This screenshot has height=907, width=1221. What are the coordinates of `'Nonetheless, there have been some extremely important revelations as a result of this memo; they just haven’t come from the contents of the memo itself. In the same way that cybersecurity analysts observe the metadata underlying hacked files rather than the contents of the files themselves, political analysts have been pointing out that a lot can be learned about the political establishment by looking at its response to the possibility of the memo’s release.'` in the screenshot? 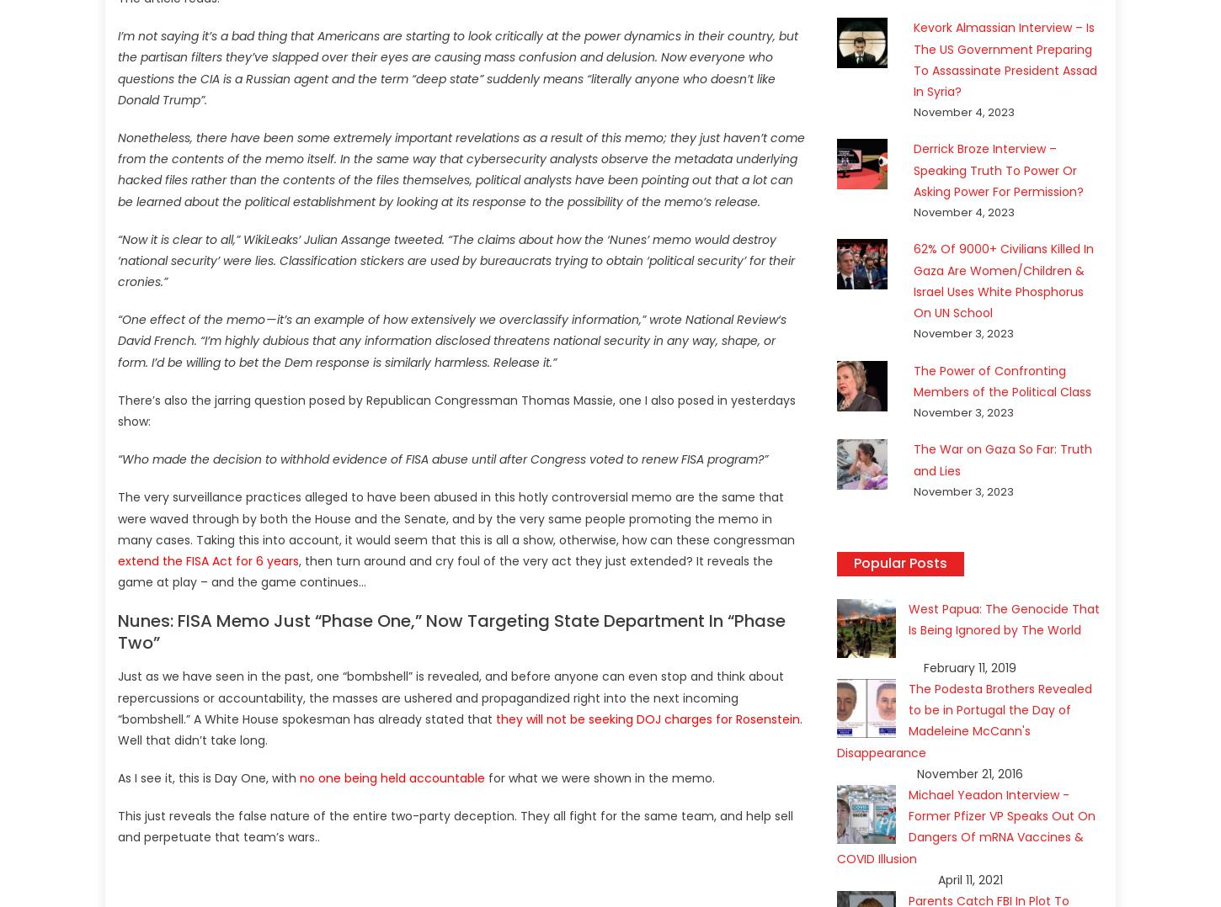 It's located at (461, 169).